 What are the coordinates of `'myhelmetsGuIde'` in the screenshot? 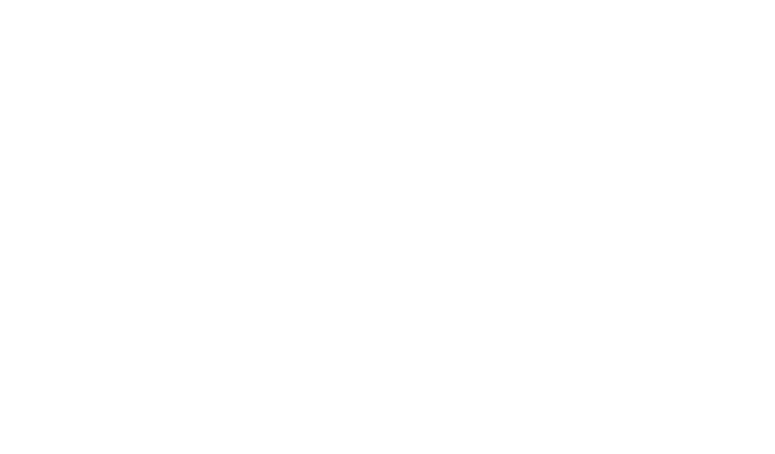 It's located at (162, 56).